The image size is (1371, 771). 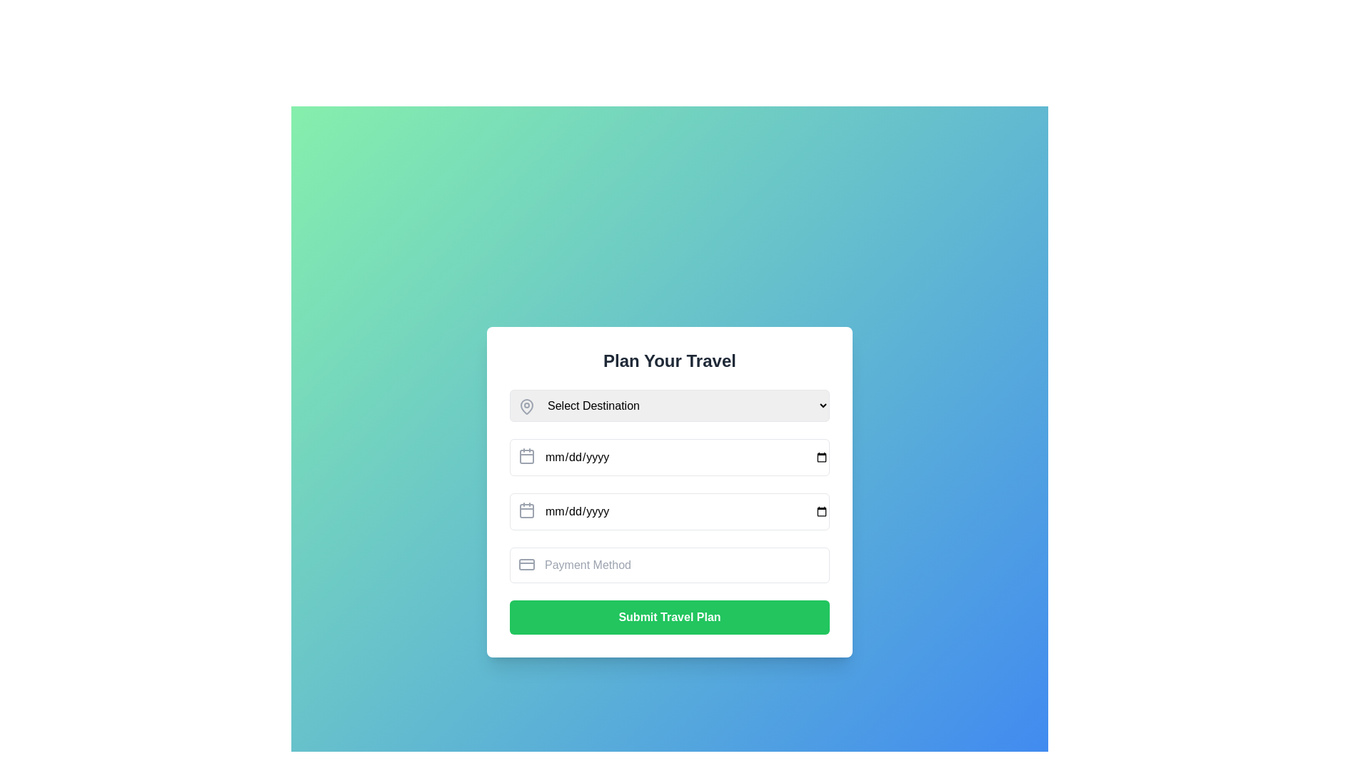 I want to click on the payment method icon located at the top-left corner of the 'Payment Method' input field, which indicates the purpose of the input related to payment information, so click(x=526, y=563).